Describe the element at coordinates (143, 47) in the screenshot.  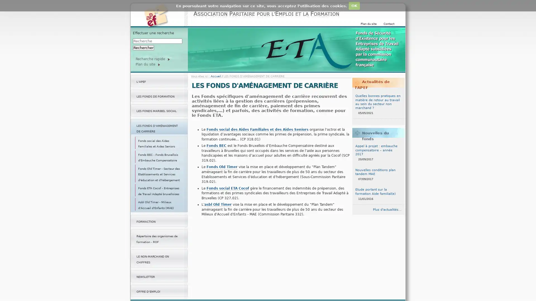
I see `Rechercher` at that location.